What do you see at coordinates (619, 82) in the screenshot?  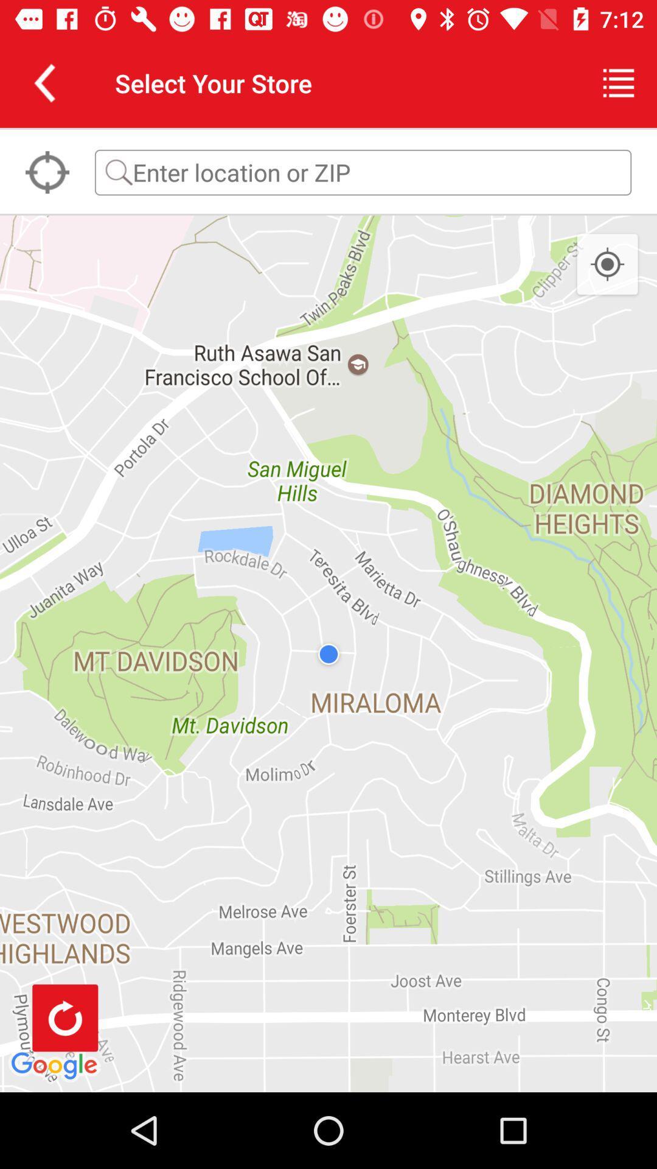 I see `item to the right of the select your store` at bounding box center [619, 82].